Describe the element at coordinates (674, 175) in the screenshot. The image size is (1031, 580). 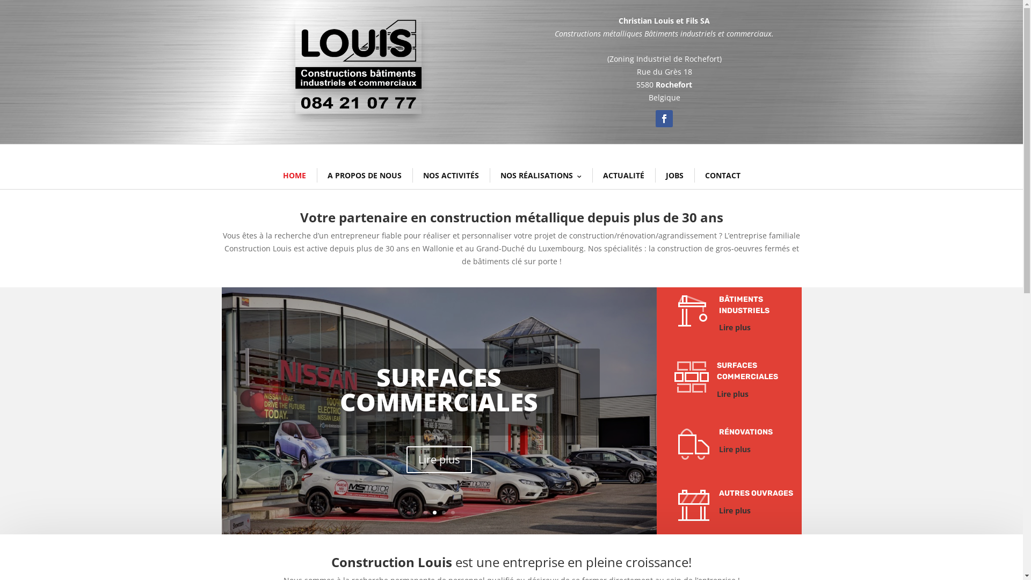
I see `'JOBS'` at that location.